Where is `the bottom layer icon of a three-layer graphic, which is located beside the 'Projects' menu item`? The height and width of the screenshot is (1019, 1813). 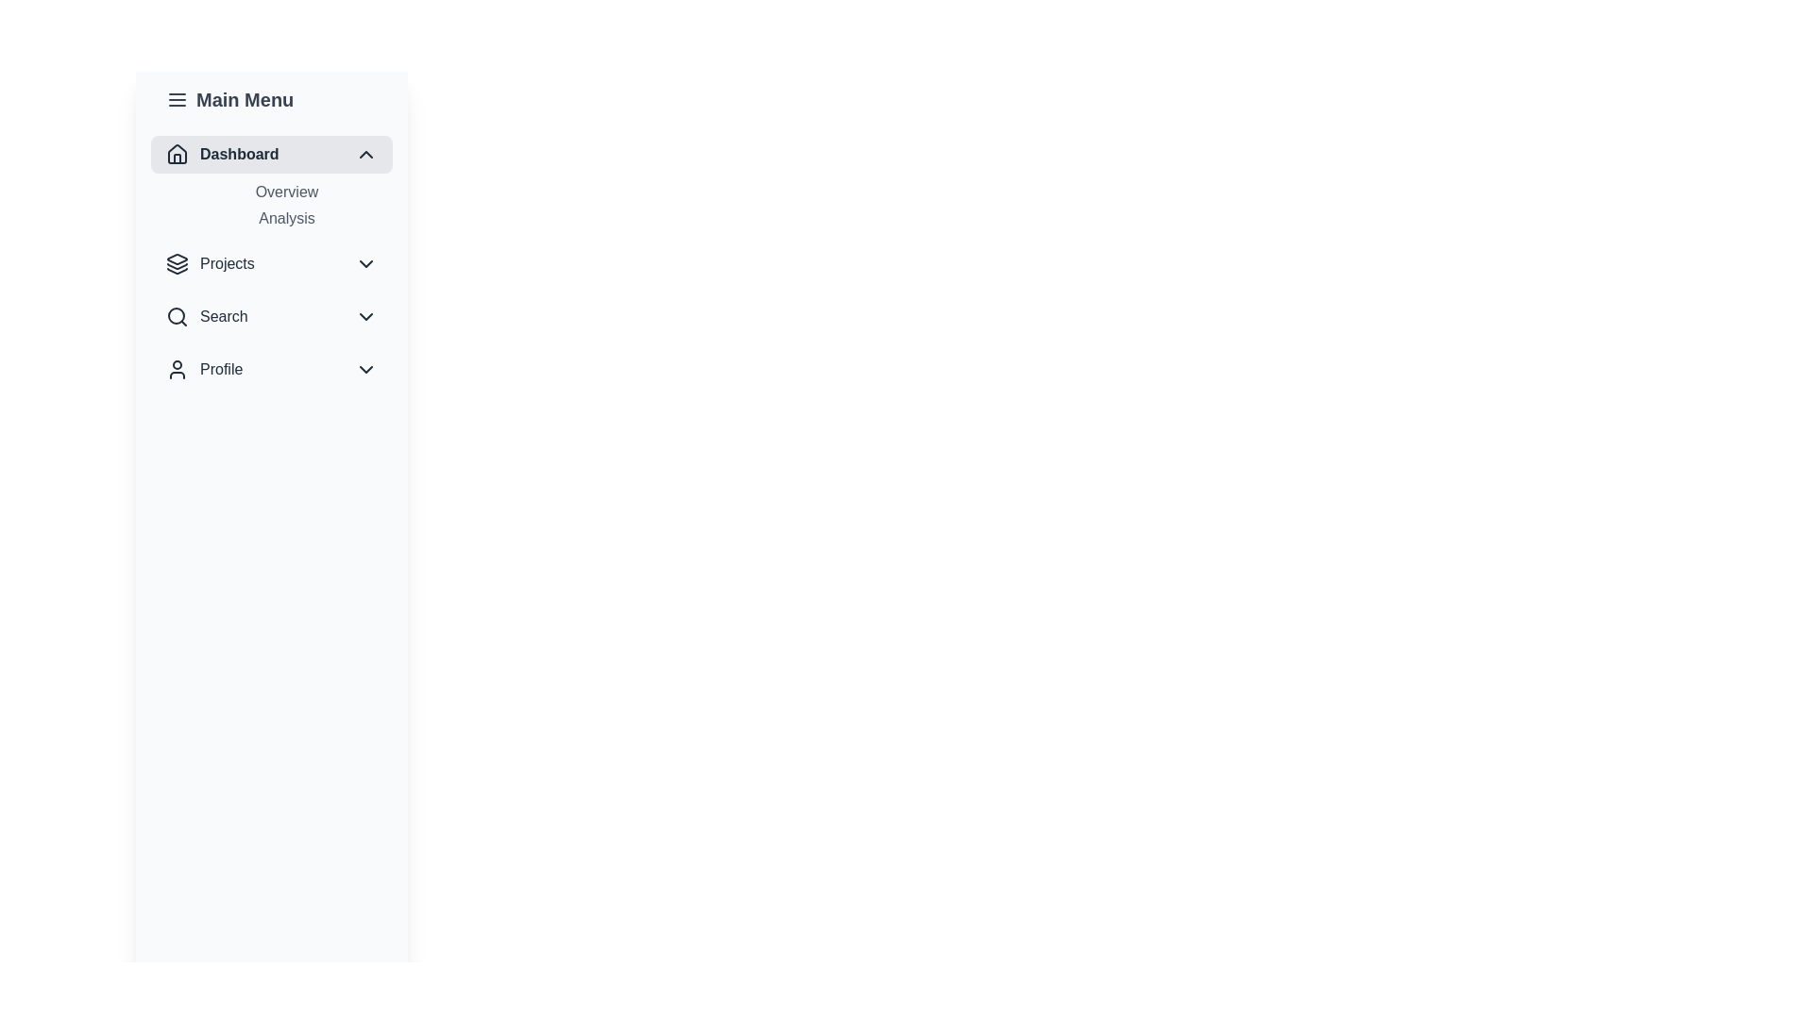
the bottom layer icon of a three-layer graphic, which is located beside the 'Projects' menu item is located at coordinates (177, 271).